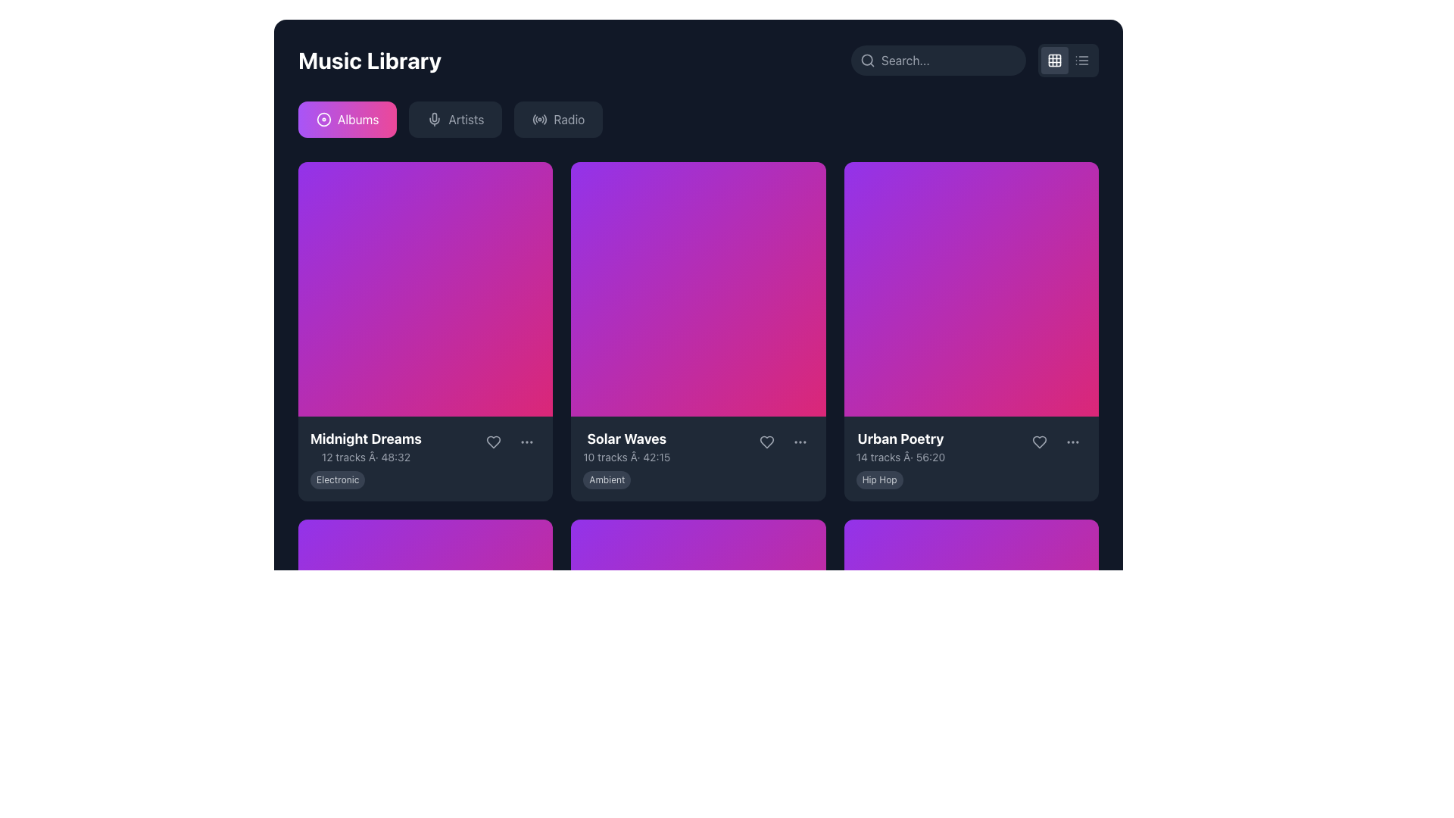 The width and height of the screenshot is (1454, 818). What do you see at coordinates (799, 442) in the screenshot?
I see `the Icon button with an ellipsis symbol located at the bottom-right corner of the 'Solar Waves' card component to trigger a color change` at bounding box center [799, 442].